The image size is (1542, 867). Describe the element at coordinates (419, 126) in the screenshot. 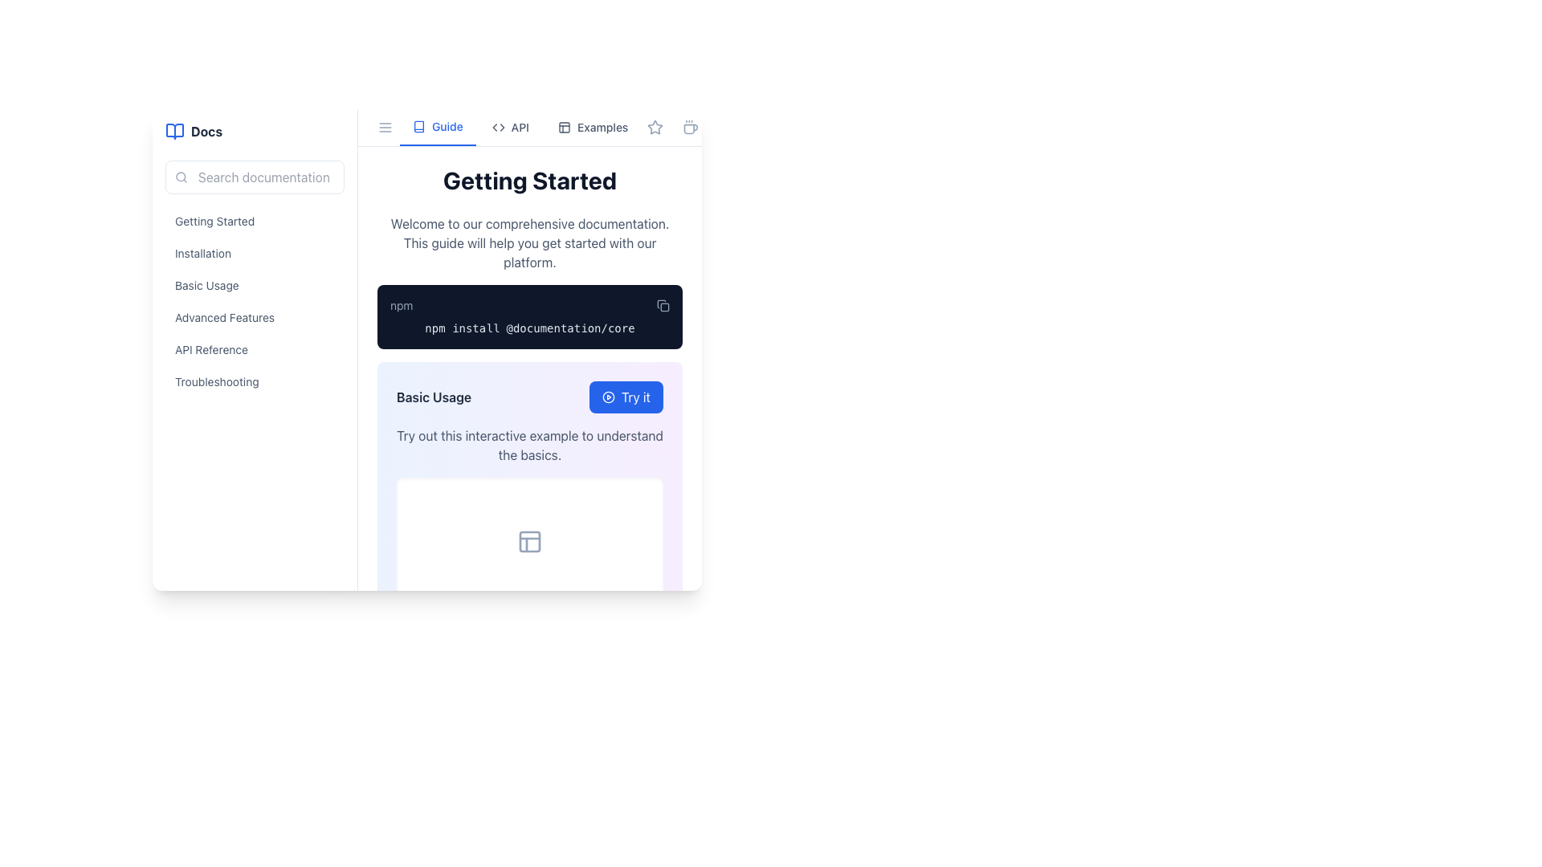

I see `the open book icon associated with the 'Guide' text in the navigation bar` at that location.